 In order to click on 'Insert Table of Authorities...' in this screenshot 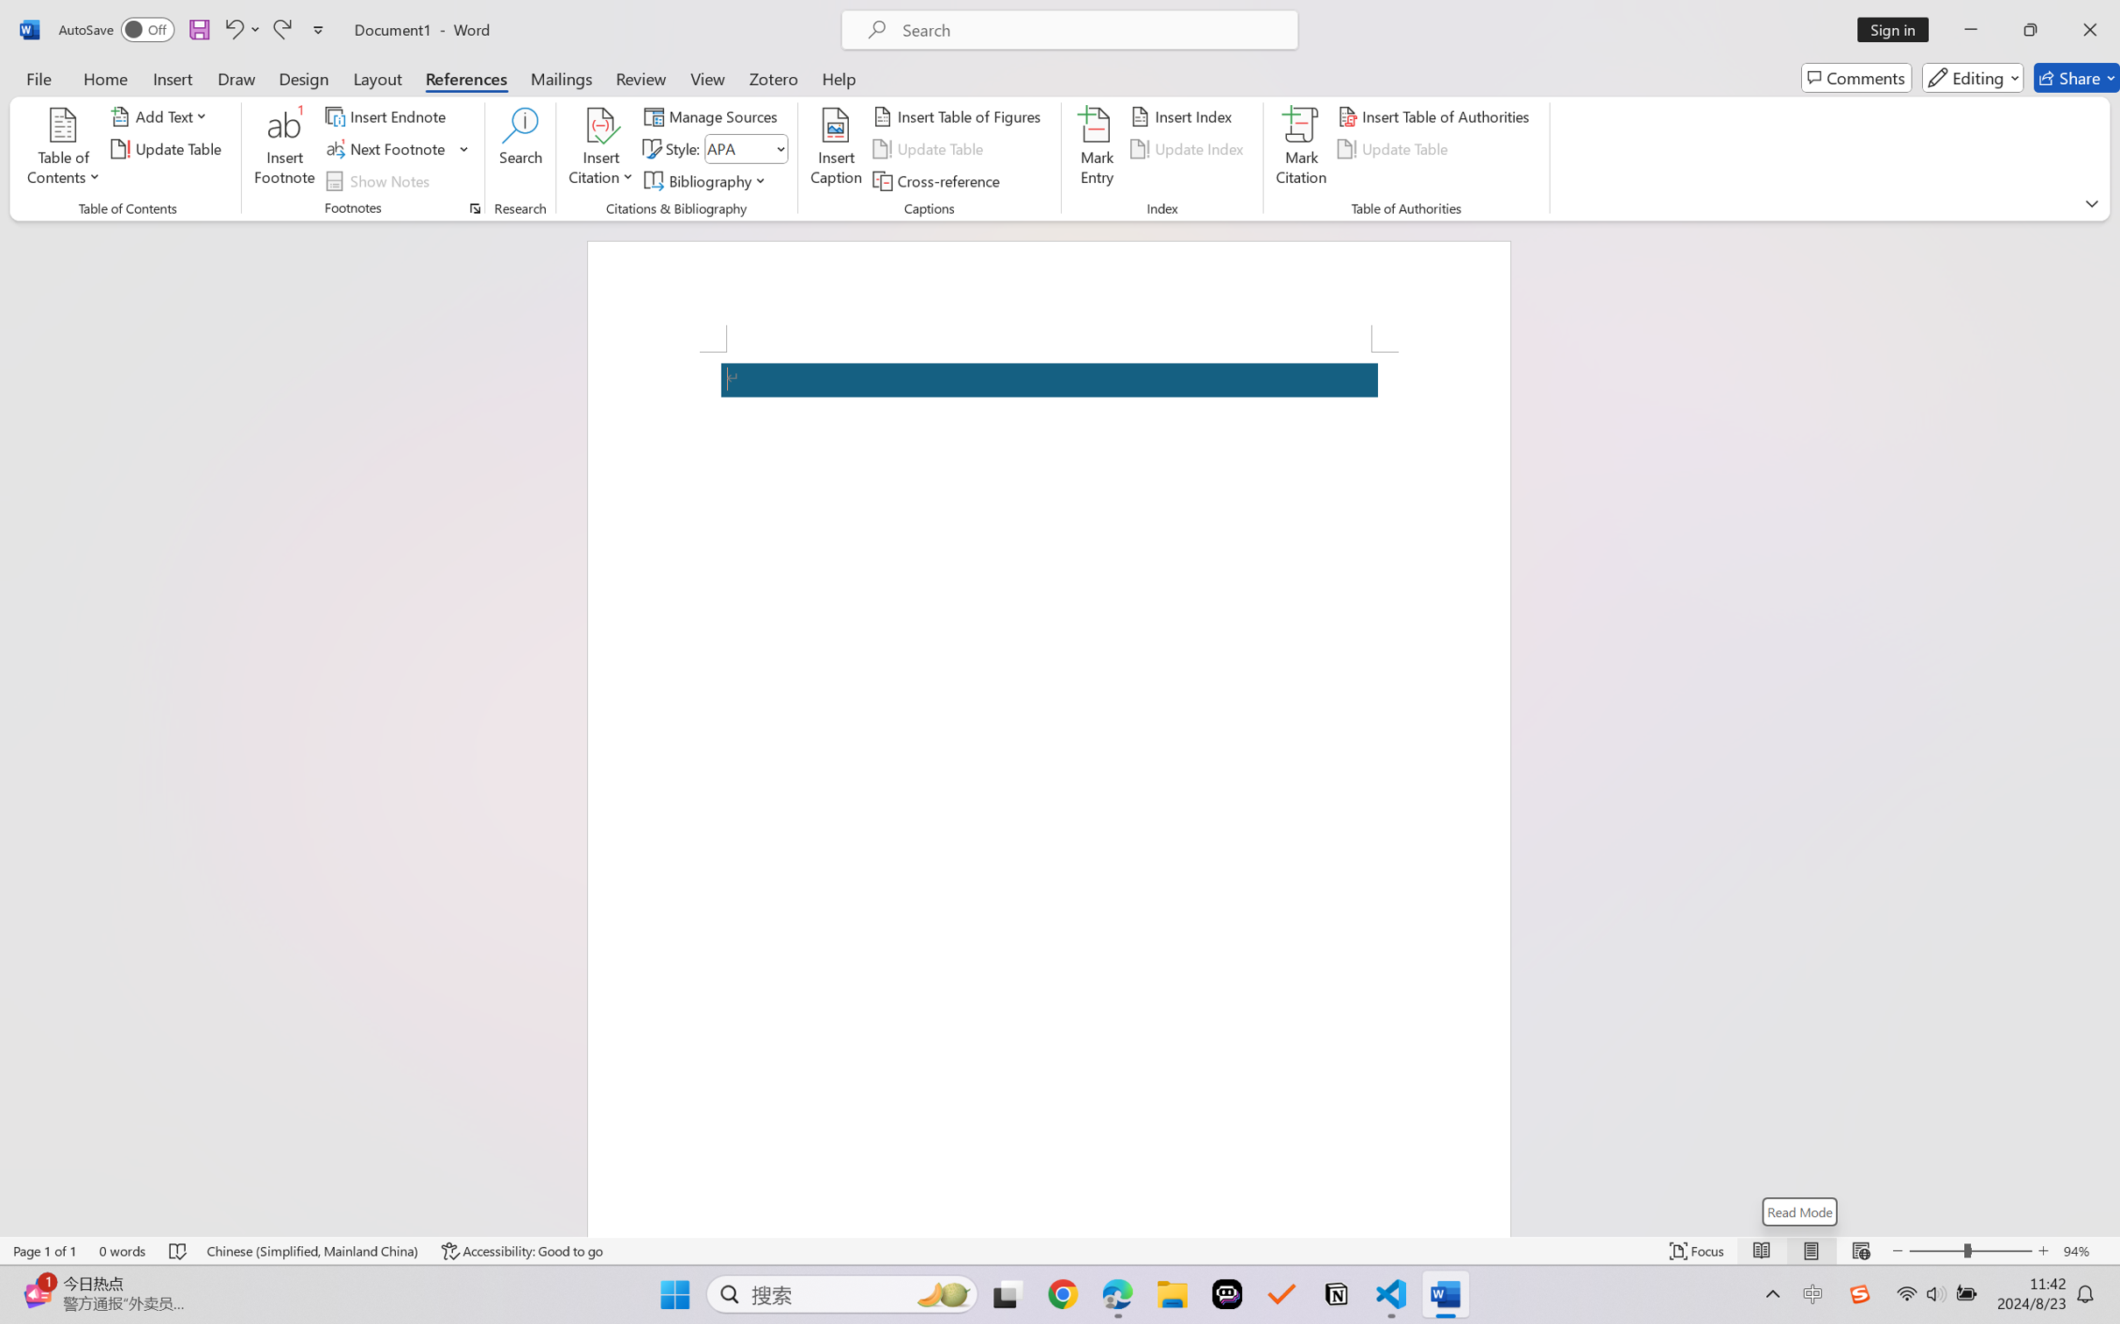, I will do `click(1436, 115)`.